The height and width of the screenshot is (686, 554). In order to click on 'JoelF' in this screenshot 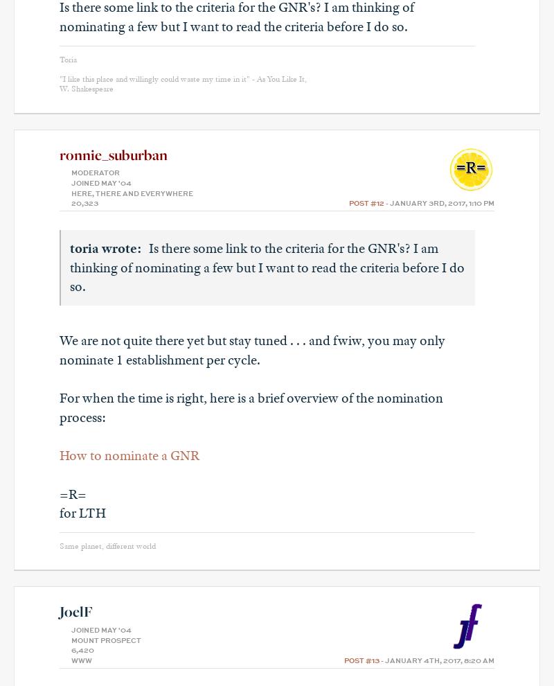, I will do `click(75, 611)`.